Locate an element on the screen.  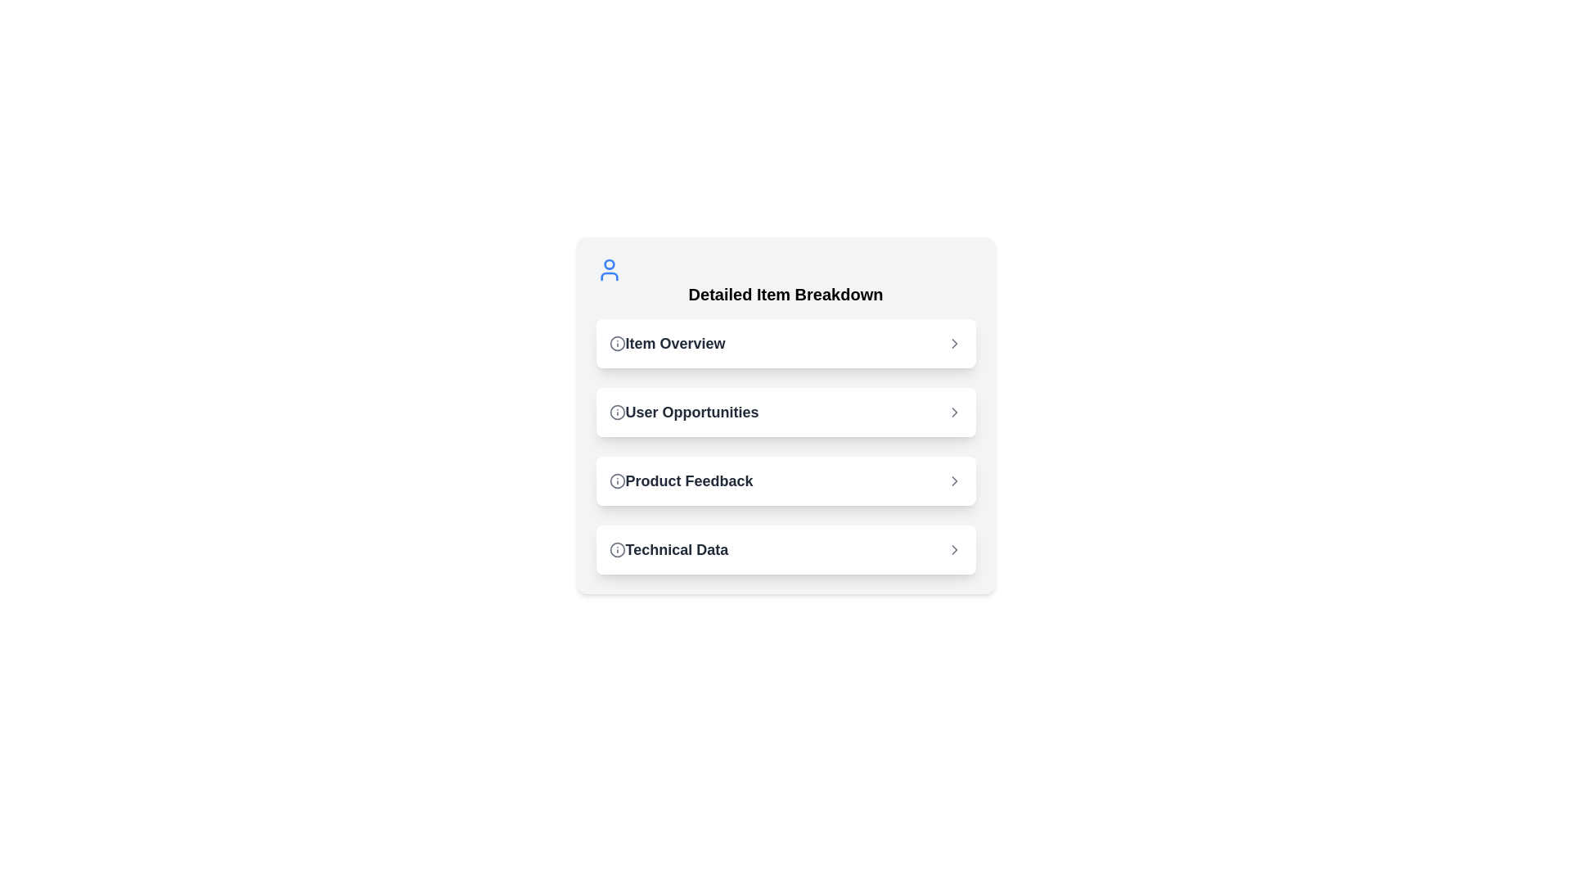
the right-pointing chevron icon, which has a minimalist outlined design and is located to the far right of the 'Product Feedback' label, to trigger a tooltip or visual highlight is located at coordinates (954, 480).